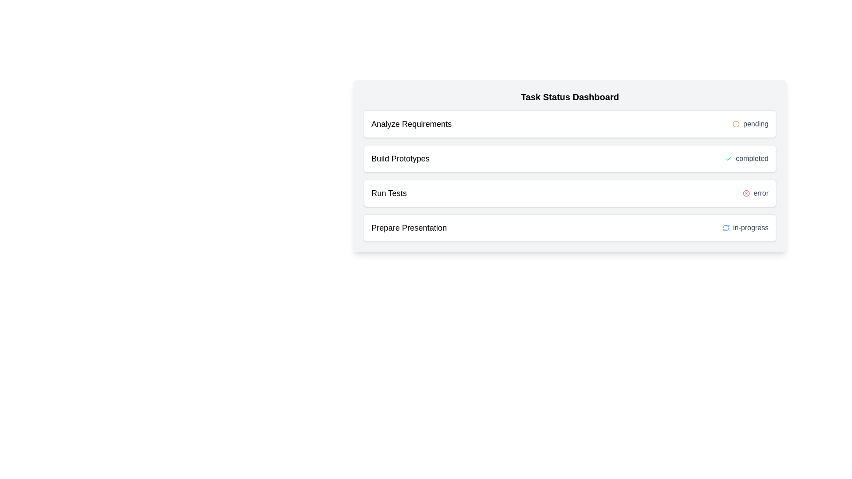 Image resolution: width=852 pixels, height=479 pixels. What do you see at coordinates (752, 158) in the screenshot?
I see `the text label indicating that the task 'Build Prototypes' has been completed, located on the right side of the second row of task statuses in the dashboard` at bounding box center [752, 158].